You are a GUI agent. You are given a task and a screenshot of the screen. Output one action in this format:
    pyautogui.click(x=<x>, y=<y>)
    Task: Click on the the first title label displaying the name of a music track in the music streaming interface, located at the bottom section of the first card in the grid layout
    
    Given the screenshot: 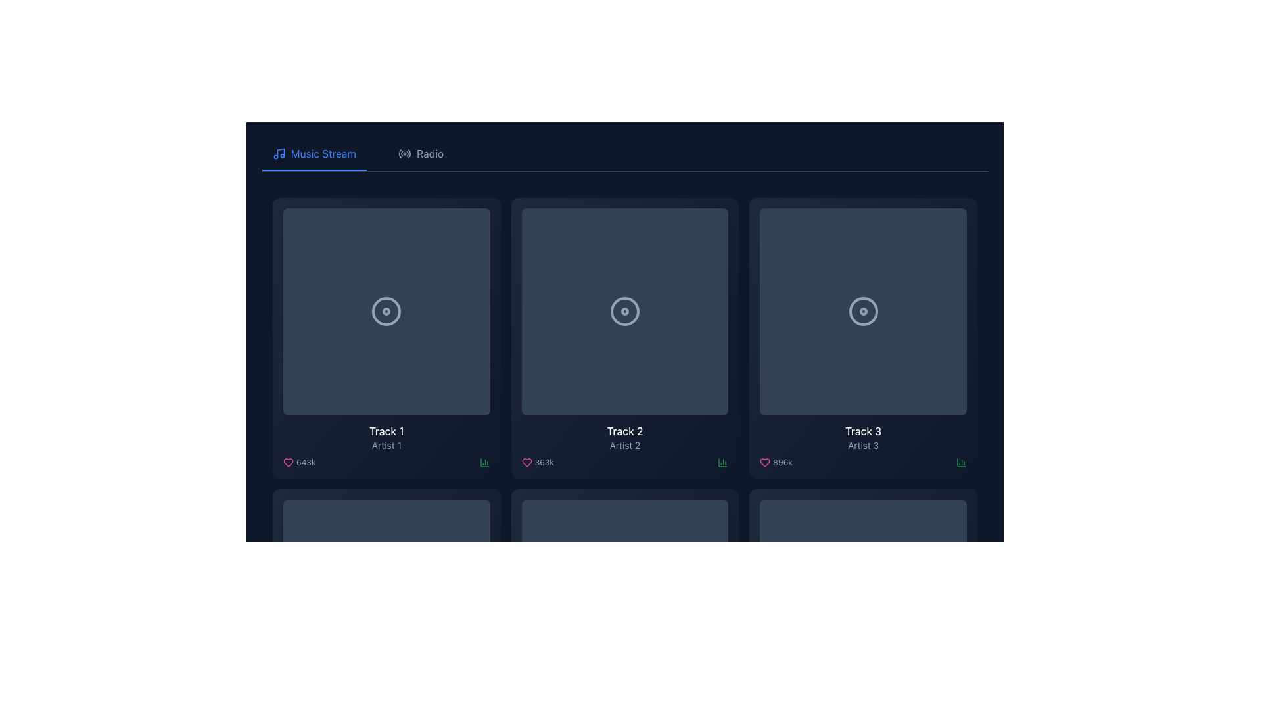 What is the action you would take?
    pyautogui.click(x=386, y=431)
    